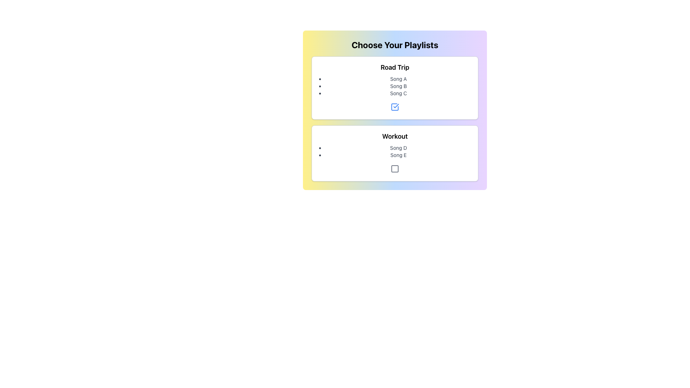 The image size is (690, 388). I want to click on the second card titled 'Workout' in the playlist section, so click(395, 153).